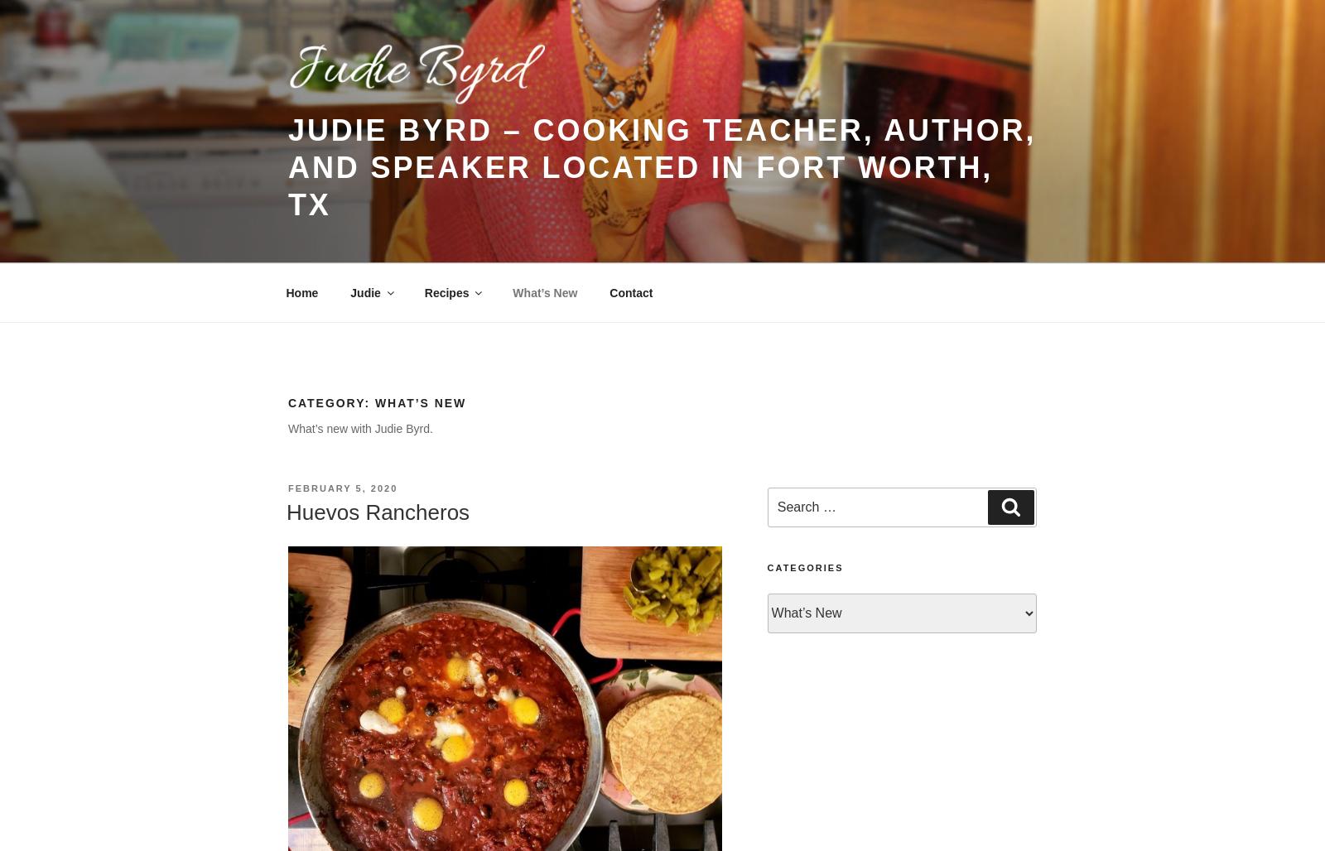 This screenshot has height=851, width=1325. Describe the element at coordinates (364, 291) in the screenshot. I see `'Judie'` at that location.